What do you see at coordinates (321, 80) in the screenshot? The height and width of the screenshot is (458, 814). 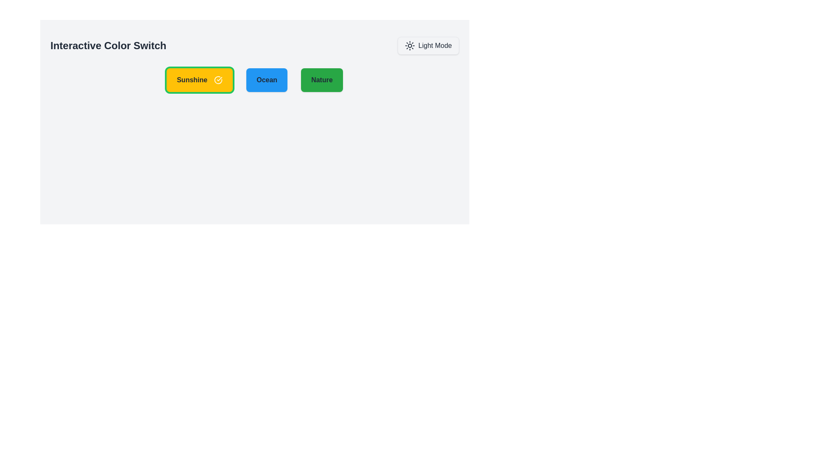 I see `text content of the label 'Nature' displayed inside the green button, which is the third button in a horizontal layout of theme buttons` at bounding box center [321, 80].